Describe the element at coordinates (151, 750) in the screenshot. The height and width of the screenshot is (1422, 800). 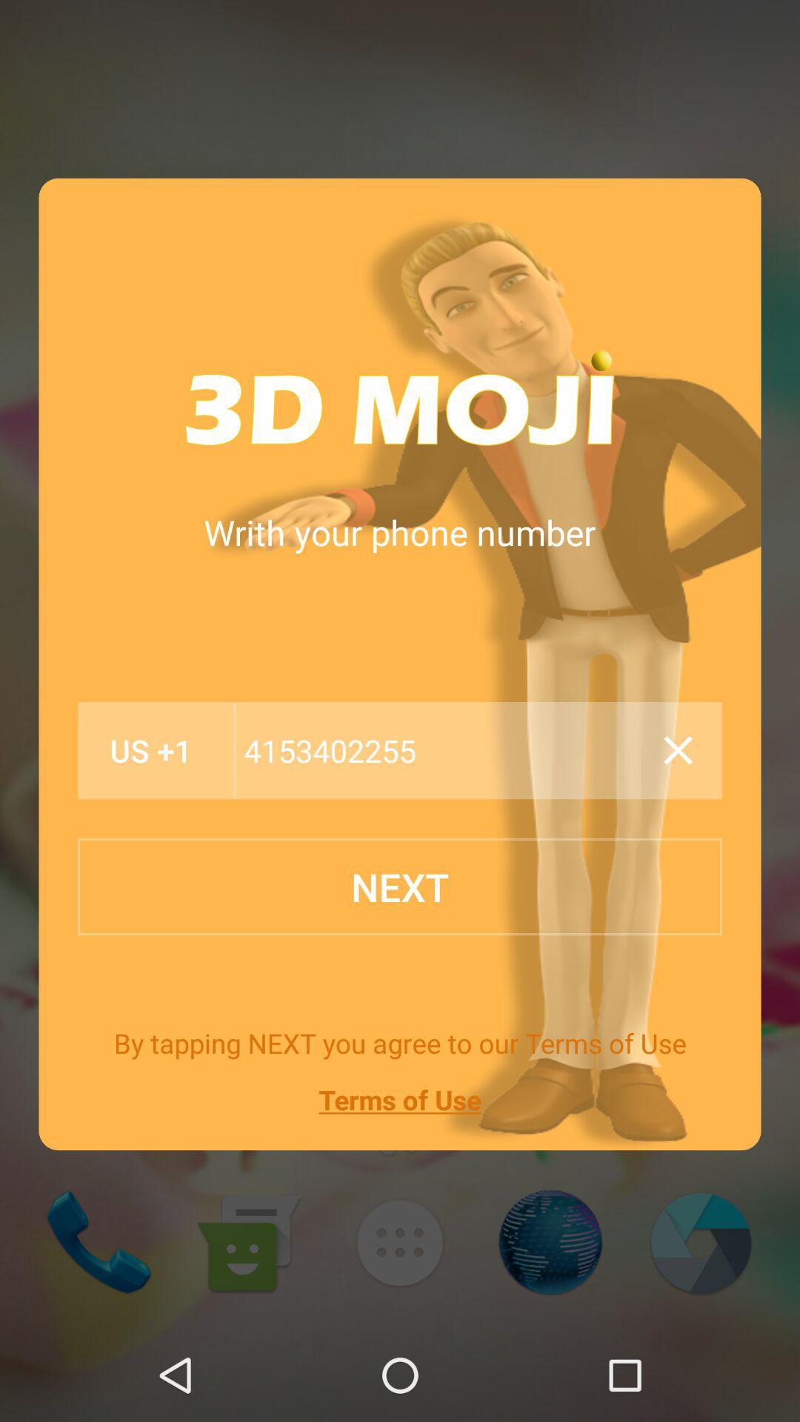
I see `item above next` at that location.